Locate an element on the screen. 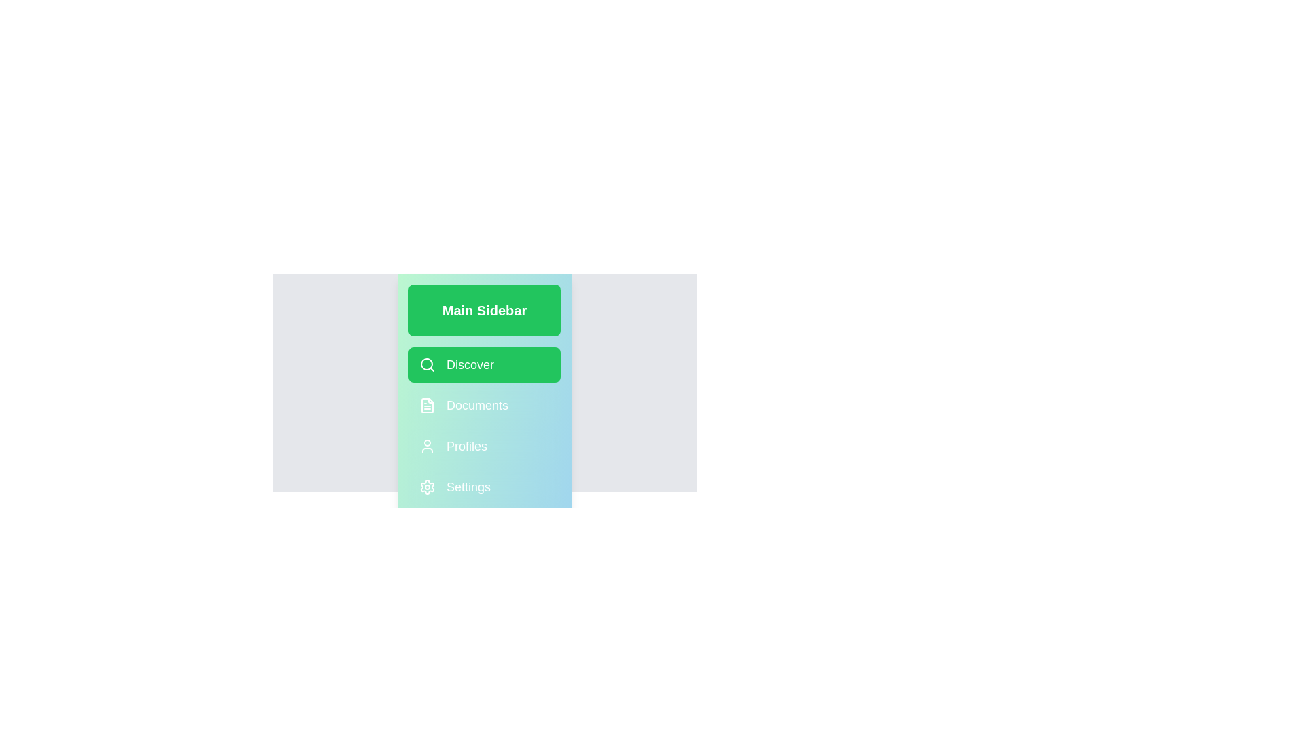 Image resolution: width=1305 pixels, height=734 pixels. the 'Discover' text label located in the main sidebar, which is positioned directly below the 'Main Sidebar' label and to the right of the magnifying glass icon is located at coordinates (470, 364).